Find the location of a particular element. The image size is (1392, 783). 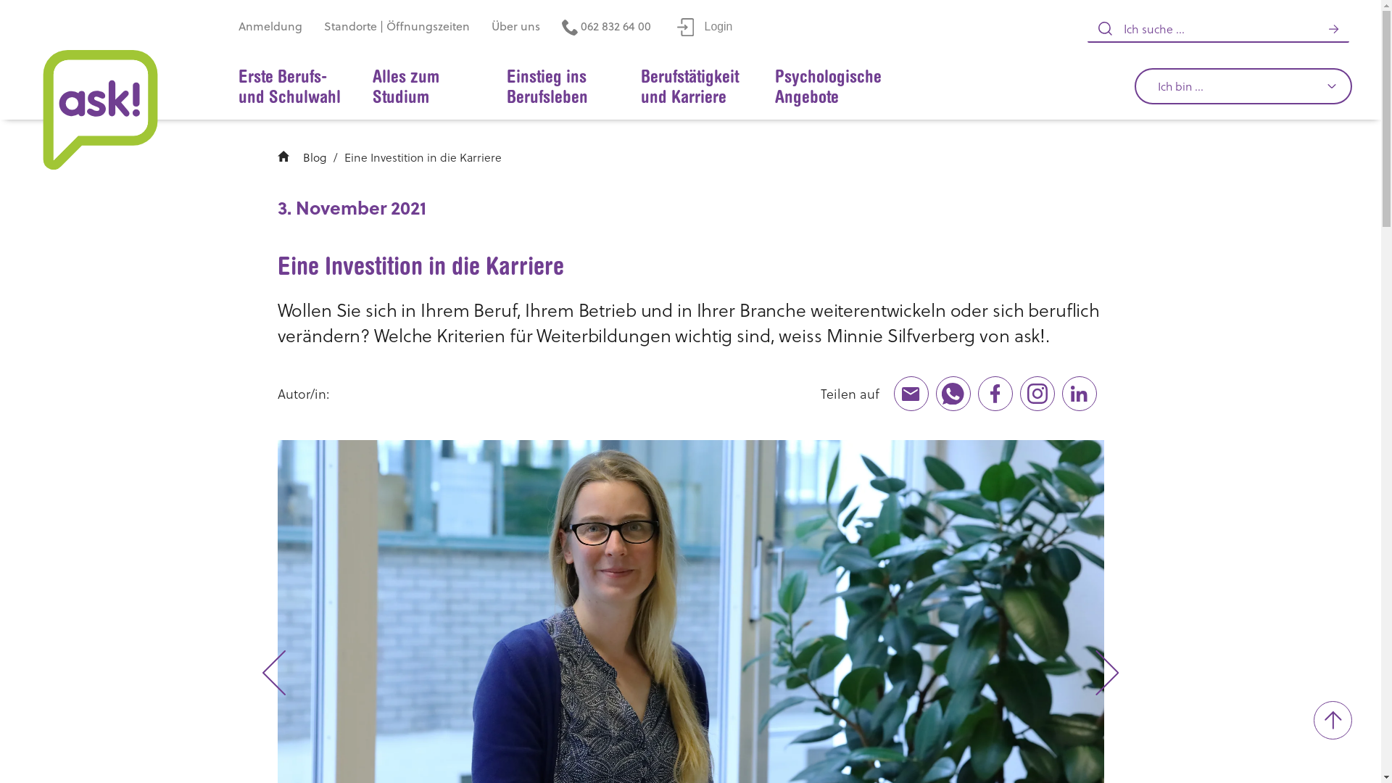

'Blog' is located at coordinates (314, 157).